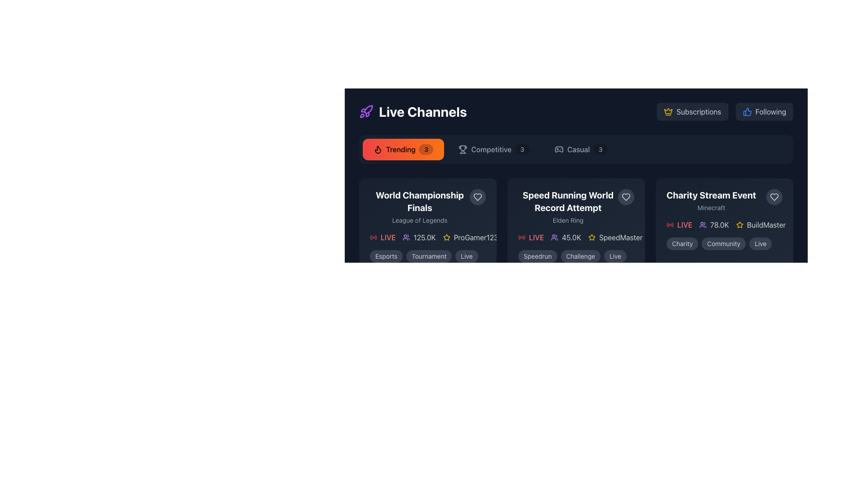  What do you see at coordinates (576, 225) in the screenshot?
I see `the second card in the 'Live Channels' section that showcases a speedrun event` at bounding box center [576, 225].